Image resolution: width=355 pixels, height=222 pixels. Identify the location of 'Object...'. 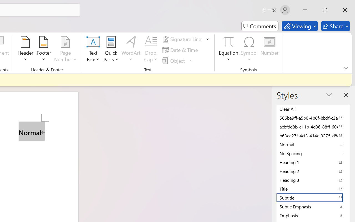
(177, 60).